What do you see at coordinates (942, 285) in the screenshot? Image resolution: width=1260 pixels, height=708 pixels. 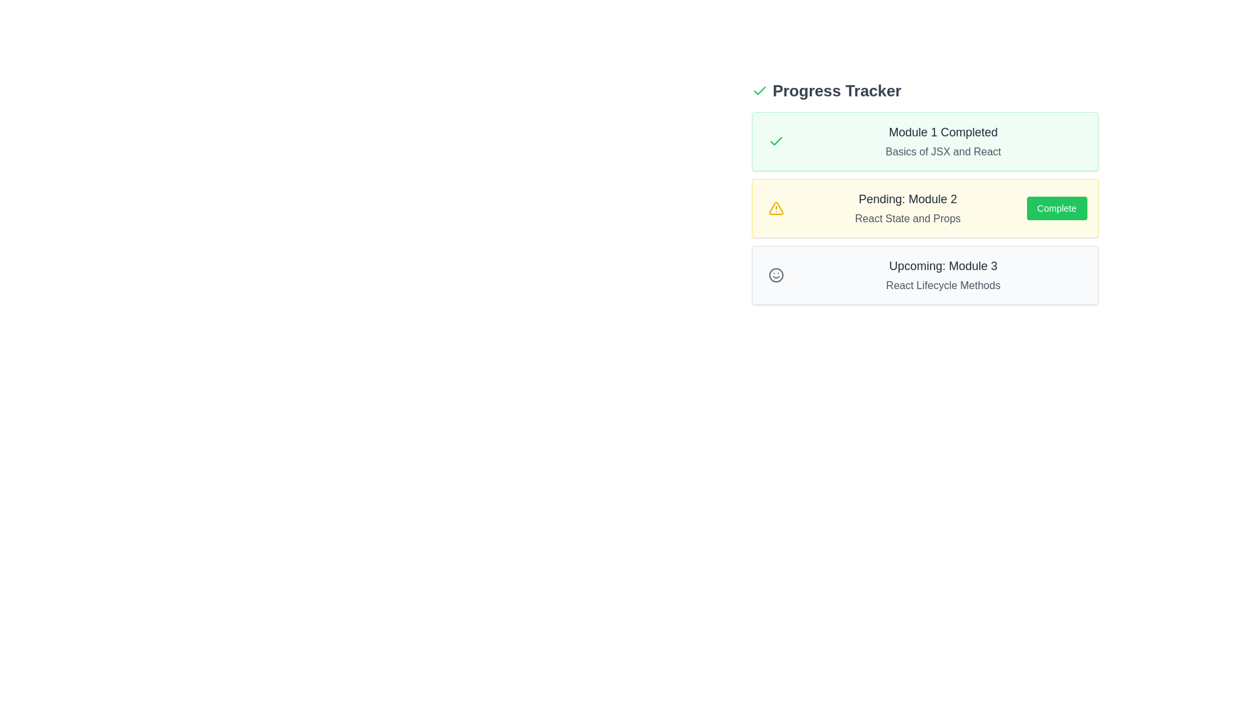 I see `the text block that reads 'React Lifecycle Methods', which is styled in gray and located below the heading 'Upcoming: Module 3' in the third section of the progress tracker` at bounding box center [942, 285].